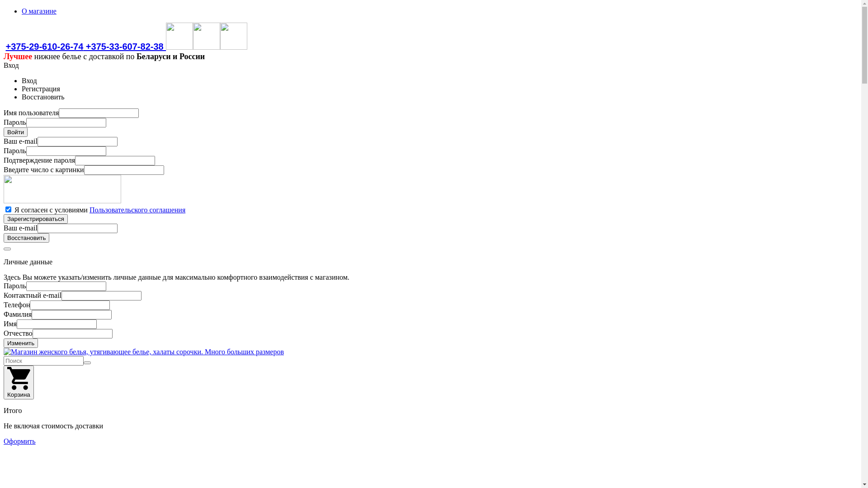  What do you see at coordinates (206, 47) in the screenshot?
I see `'WhatsApp'` at bounding box center [206, 47].